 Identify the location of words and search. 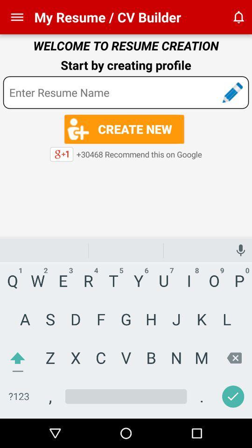
(126, 92).